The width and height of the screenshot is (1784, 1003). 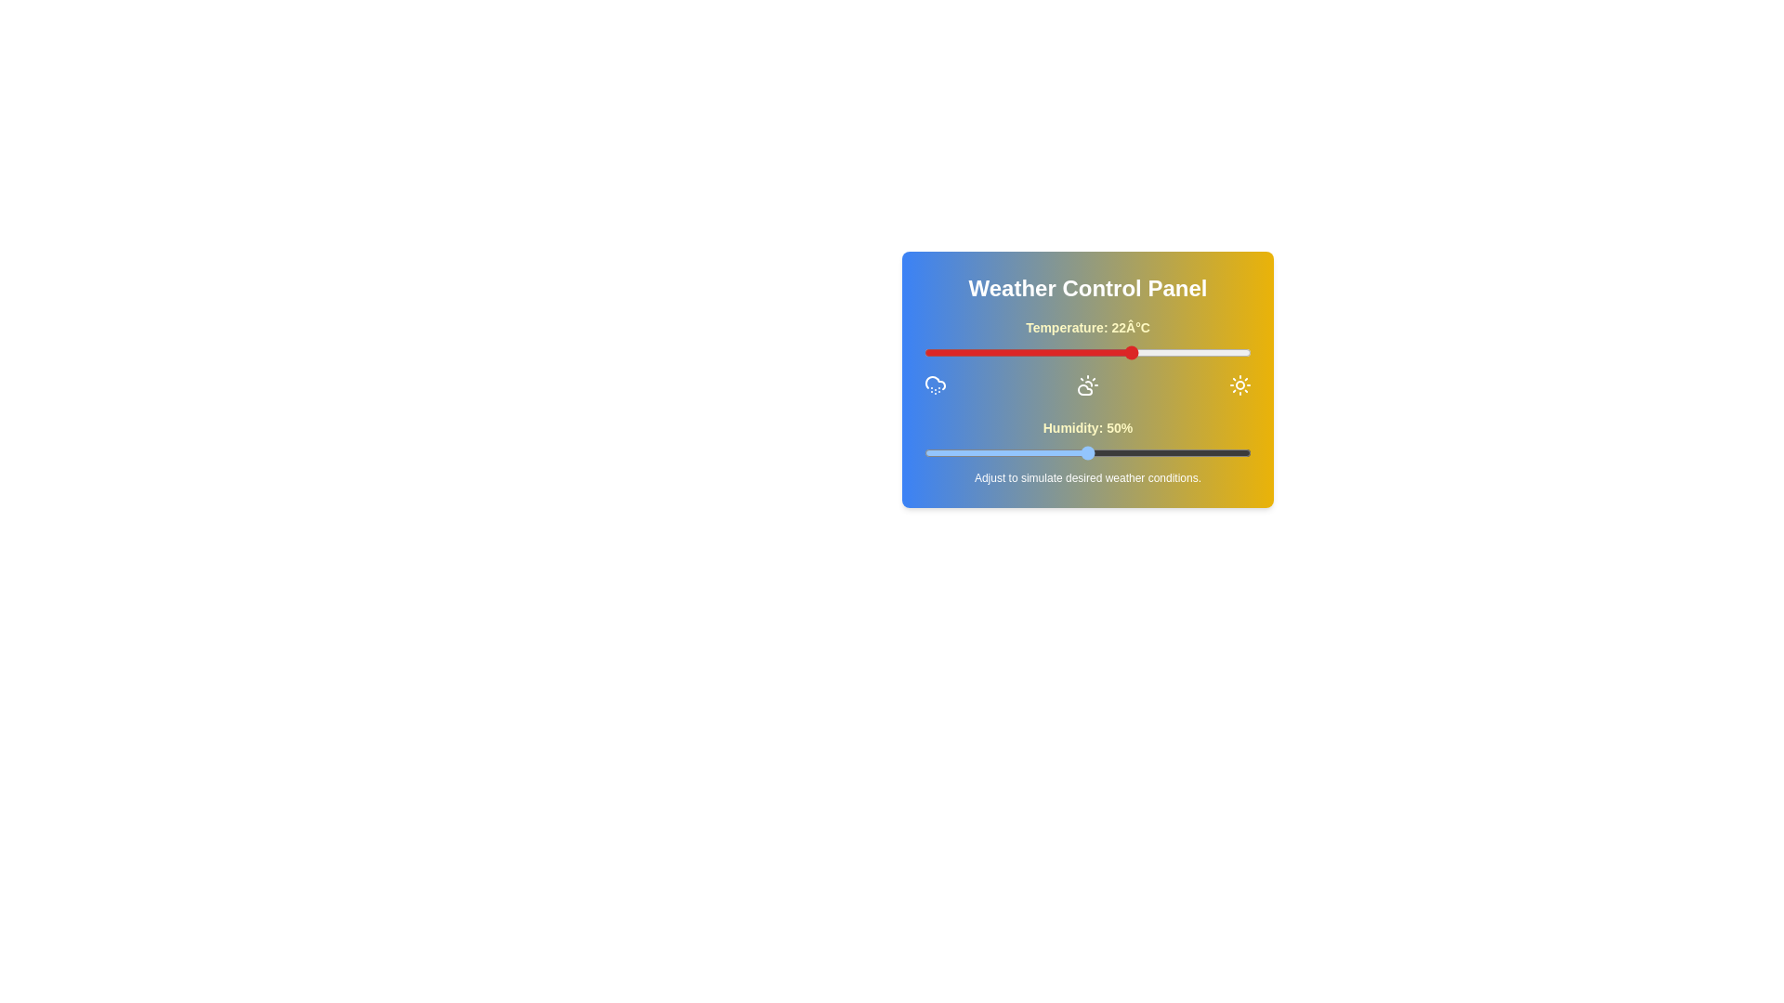 I want to click on temperature, so click(x=964, y=353).